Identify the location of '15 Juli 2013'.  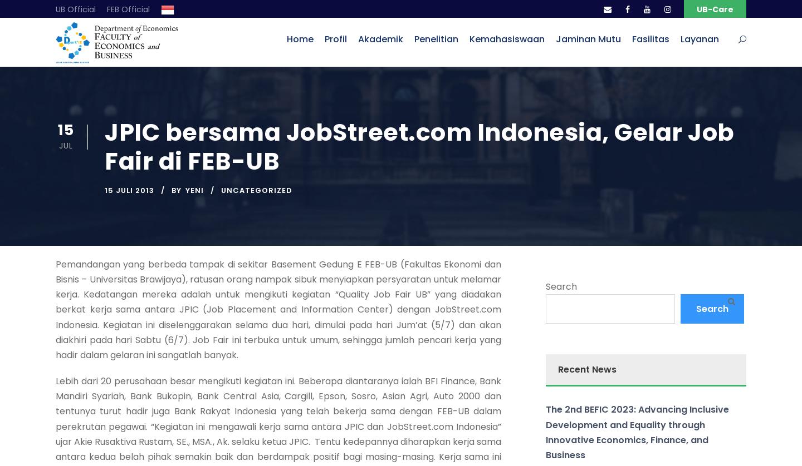
(129, 189).